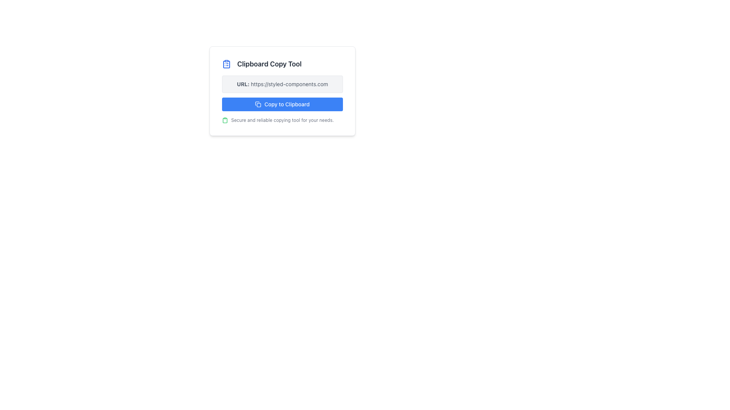 The image size is (730, 410). Describe the element at coordinates (258, 104) in the screenshot. I see `the copy-to-clipboard icon located inside the 'Copy to Clipboard' button, positioned to the immediate left of the button's text` at that location.